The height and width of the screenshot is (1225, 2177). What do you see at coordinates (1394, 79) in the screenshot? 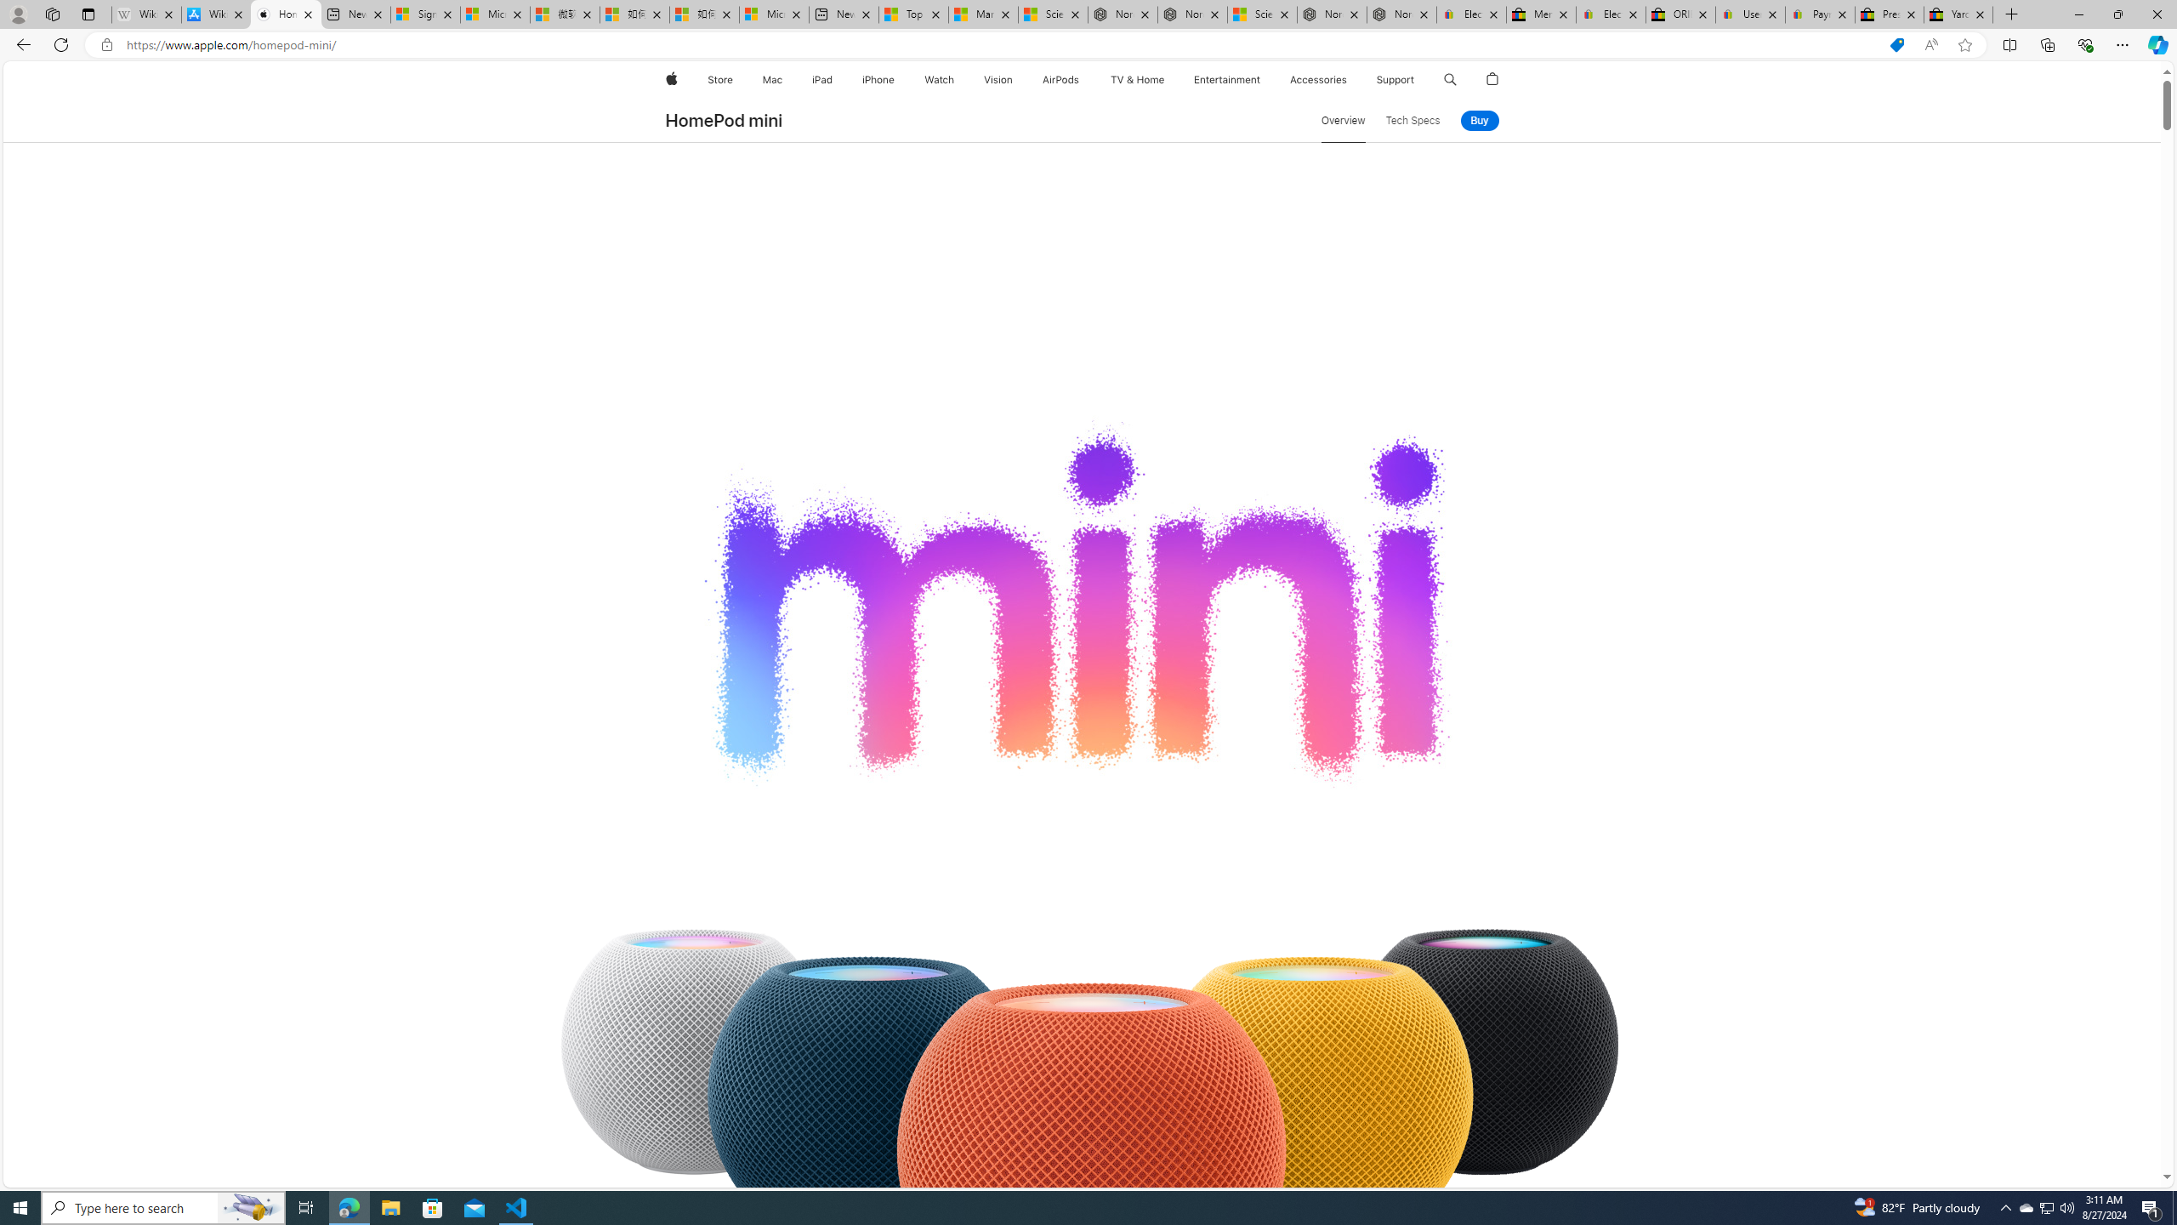
I see `'Support'` at bounding box center [1394, 79].